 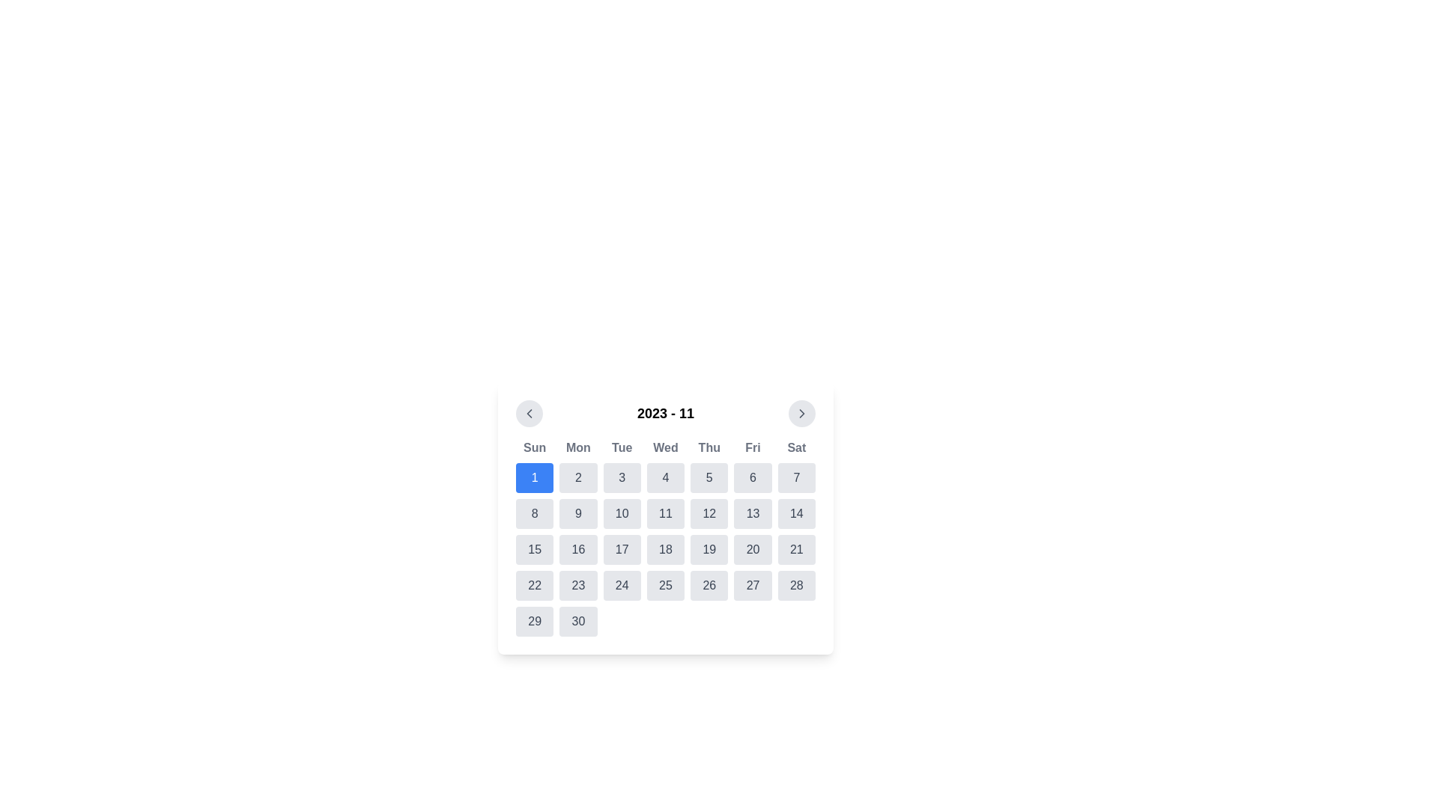 What do you see at coordinates (577, 621) in the screenshot?
I see `the button displaying the number '30' with a light gray background` at bounding box center [577, 621].